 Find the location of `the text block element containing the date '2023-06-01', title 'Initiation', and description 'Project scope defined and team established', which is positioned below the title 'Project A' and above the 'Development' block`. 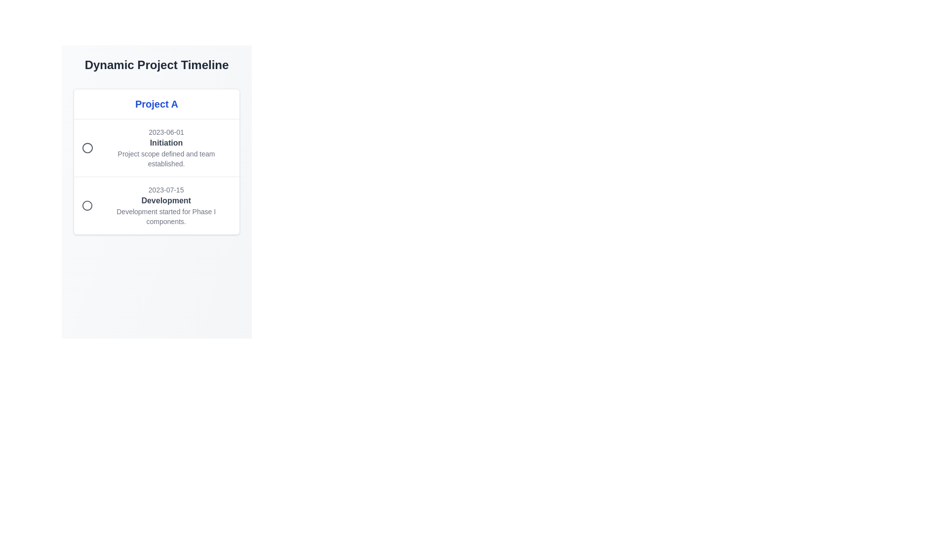

the text block element containing the date '2023-06-01', title 'Initiation', and description 'Project scope defined and team established', which is positioned below the title 'Project A' and above the 'Development' block is located at coordinates (166, 148).